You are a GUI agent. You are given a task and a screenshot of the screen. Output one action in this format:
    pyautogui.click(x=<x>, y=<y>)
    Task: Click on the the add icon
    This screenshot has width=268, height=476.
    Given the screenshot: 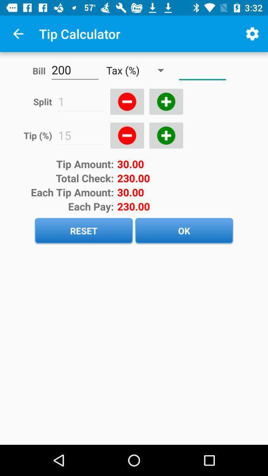 What is the action you would take?
    pyautogui.click(x=166, y=102)
    